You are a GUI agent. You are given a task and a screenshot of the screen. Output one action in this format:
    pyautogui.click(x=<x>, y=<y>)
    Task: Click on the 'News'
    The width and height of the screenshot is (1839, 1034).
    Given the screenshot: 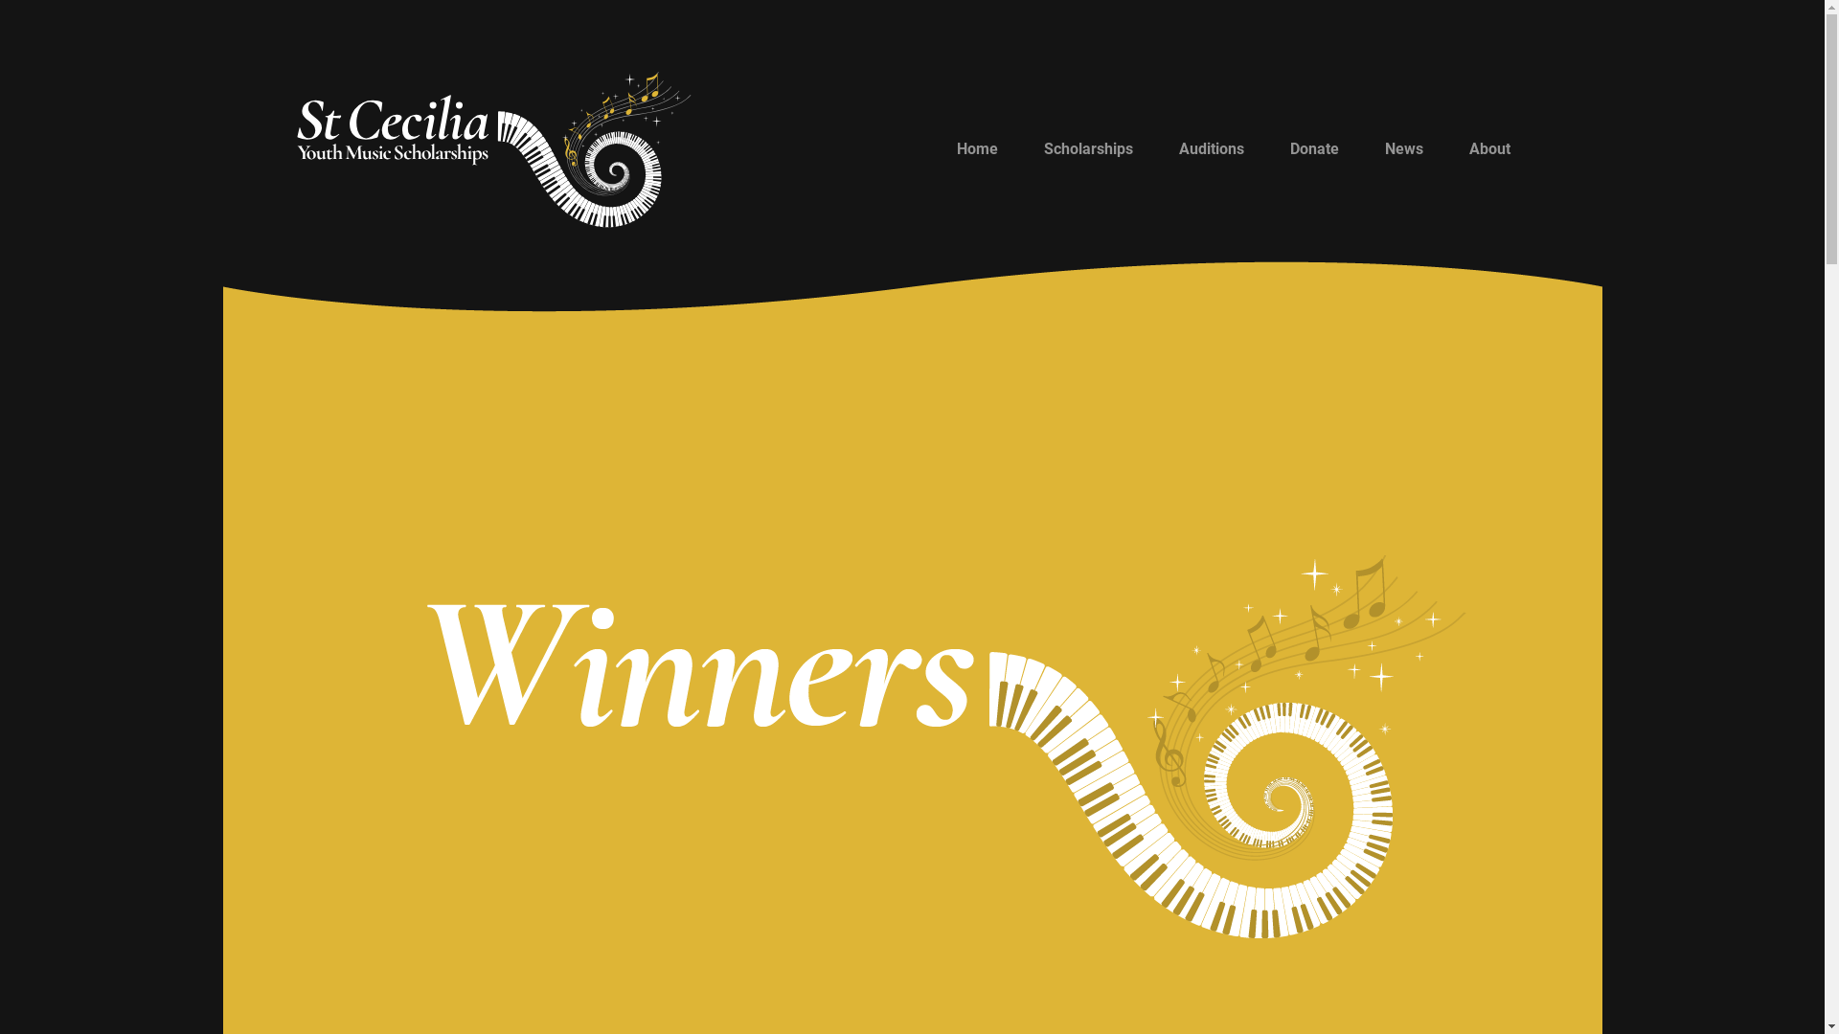 What is the action you would take?
    pyautogui.click(x=1360, y=147)
    